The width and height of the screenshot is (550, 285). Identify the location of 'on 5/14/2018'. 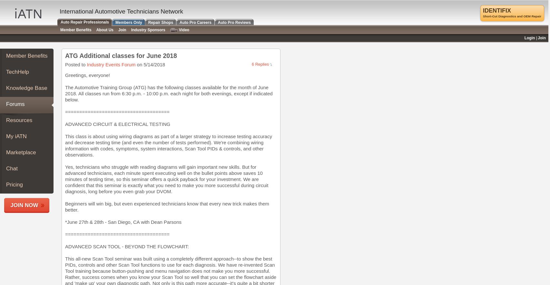
(150, 64).